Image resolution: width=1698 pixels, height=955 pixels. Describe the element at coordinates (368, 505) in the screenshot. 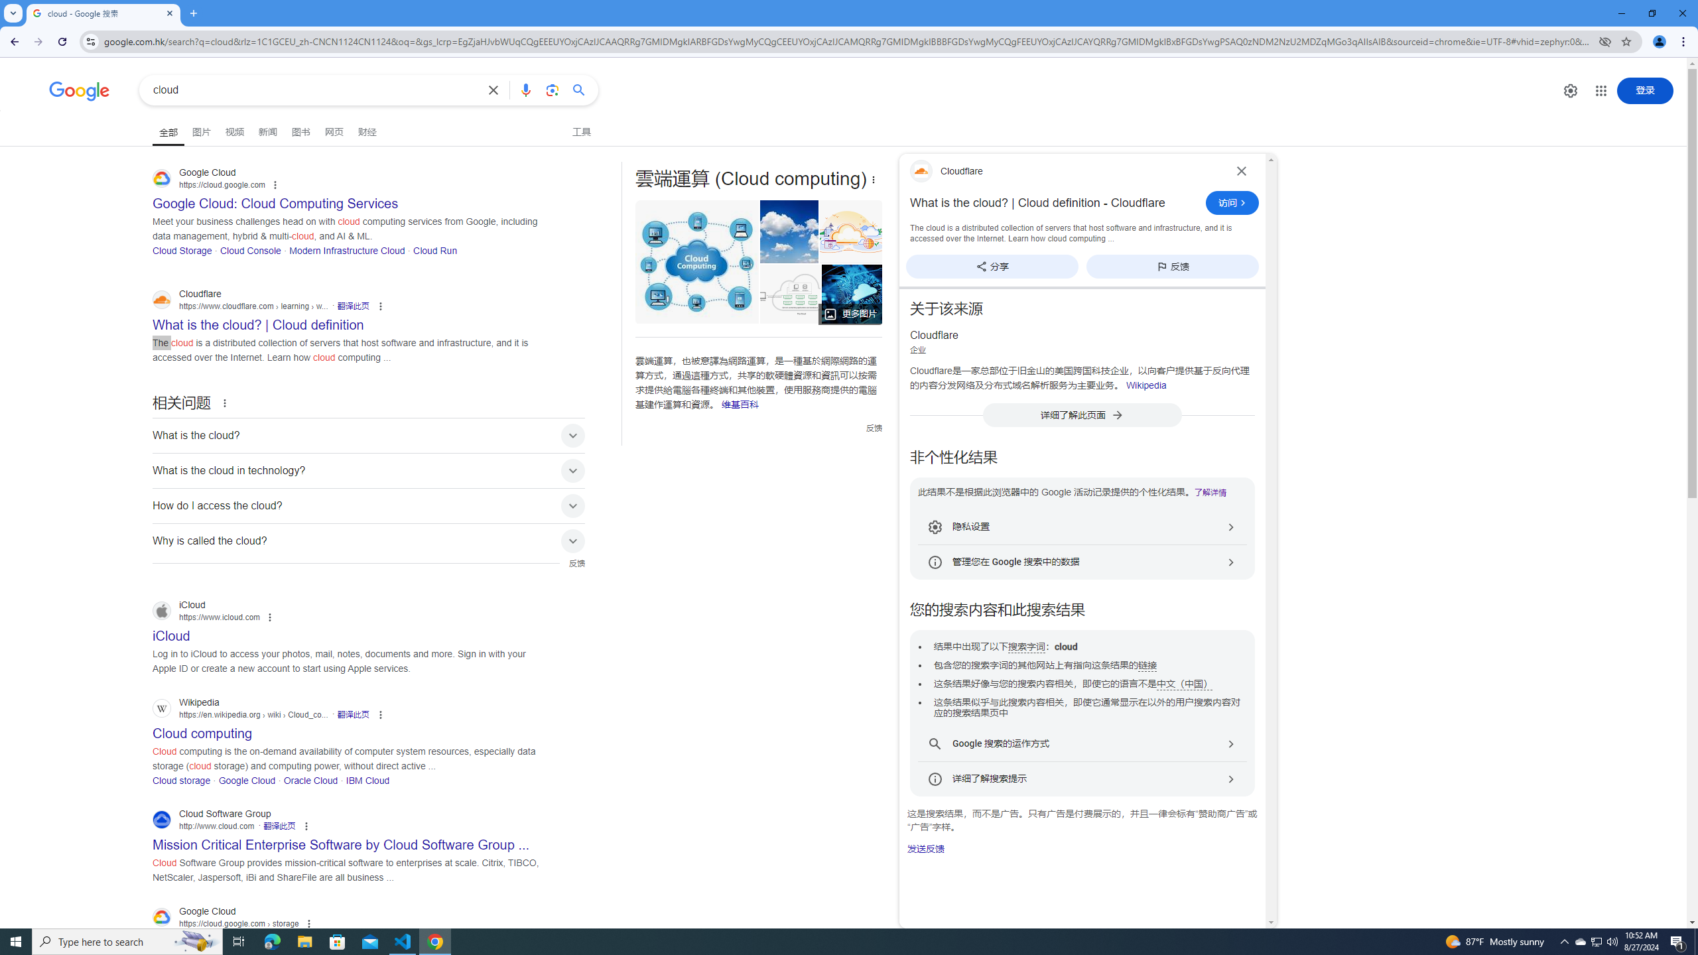

I see `'How do I access the cloud?'` at that location.